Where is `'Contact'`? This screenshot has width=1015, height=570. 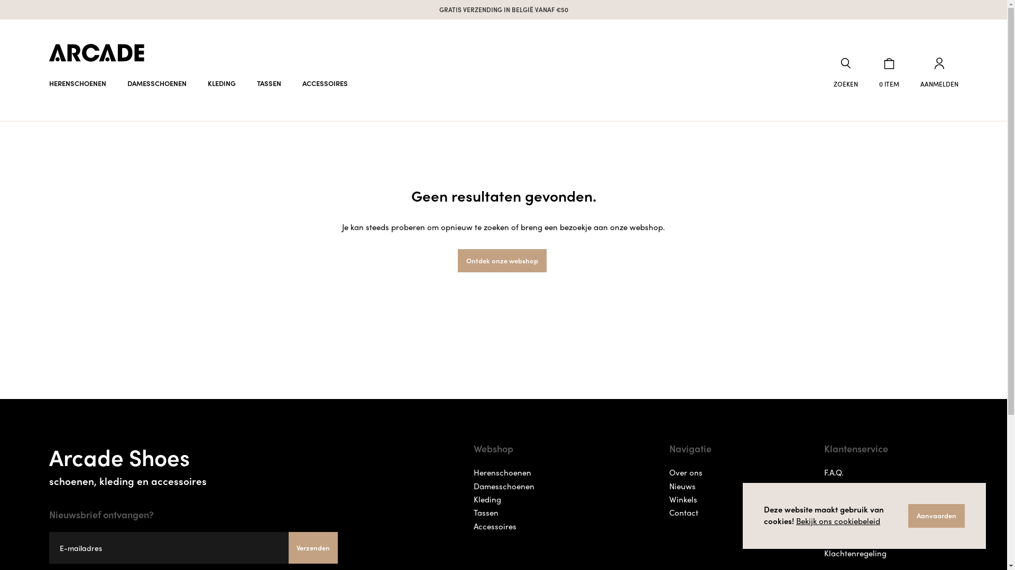
'Contact' is located at coordinates (684, 512).